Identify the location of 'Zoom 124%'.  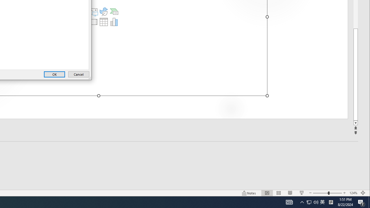
(353, 193).